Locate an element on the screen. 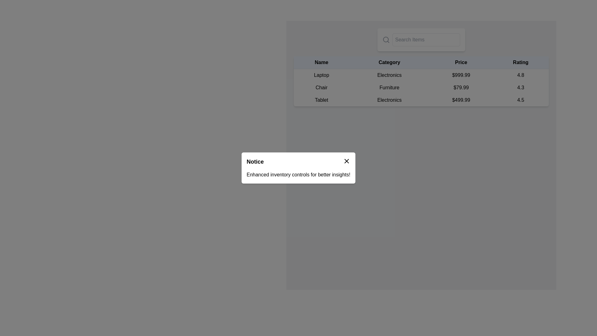 This screenshot has height=336, width=597. the tabular row displaying the product details for 'Chair', which includes the name, category, price, and rating is located at coordinates (421, 87).